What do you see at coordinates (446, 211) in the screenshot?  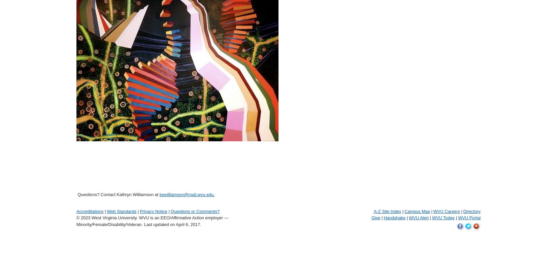 I see `'WVU Careers'` at bounding box center [446, 211].